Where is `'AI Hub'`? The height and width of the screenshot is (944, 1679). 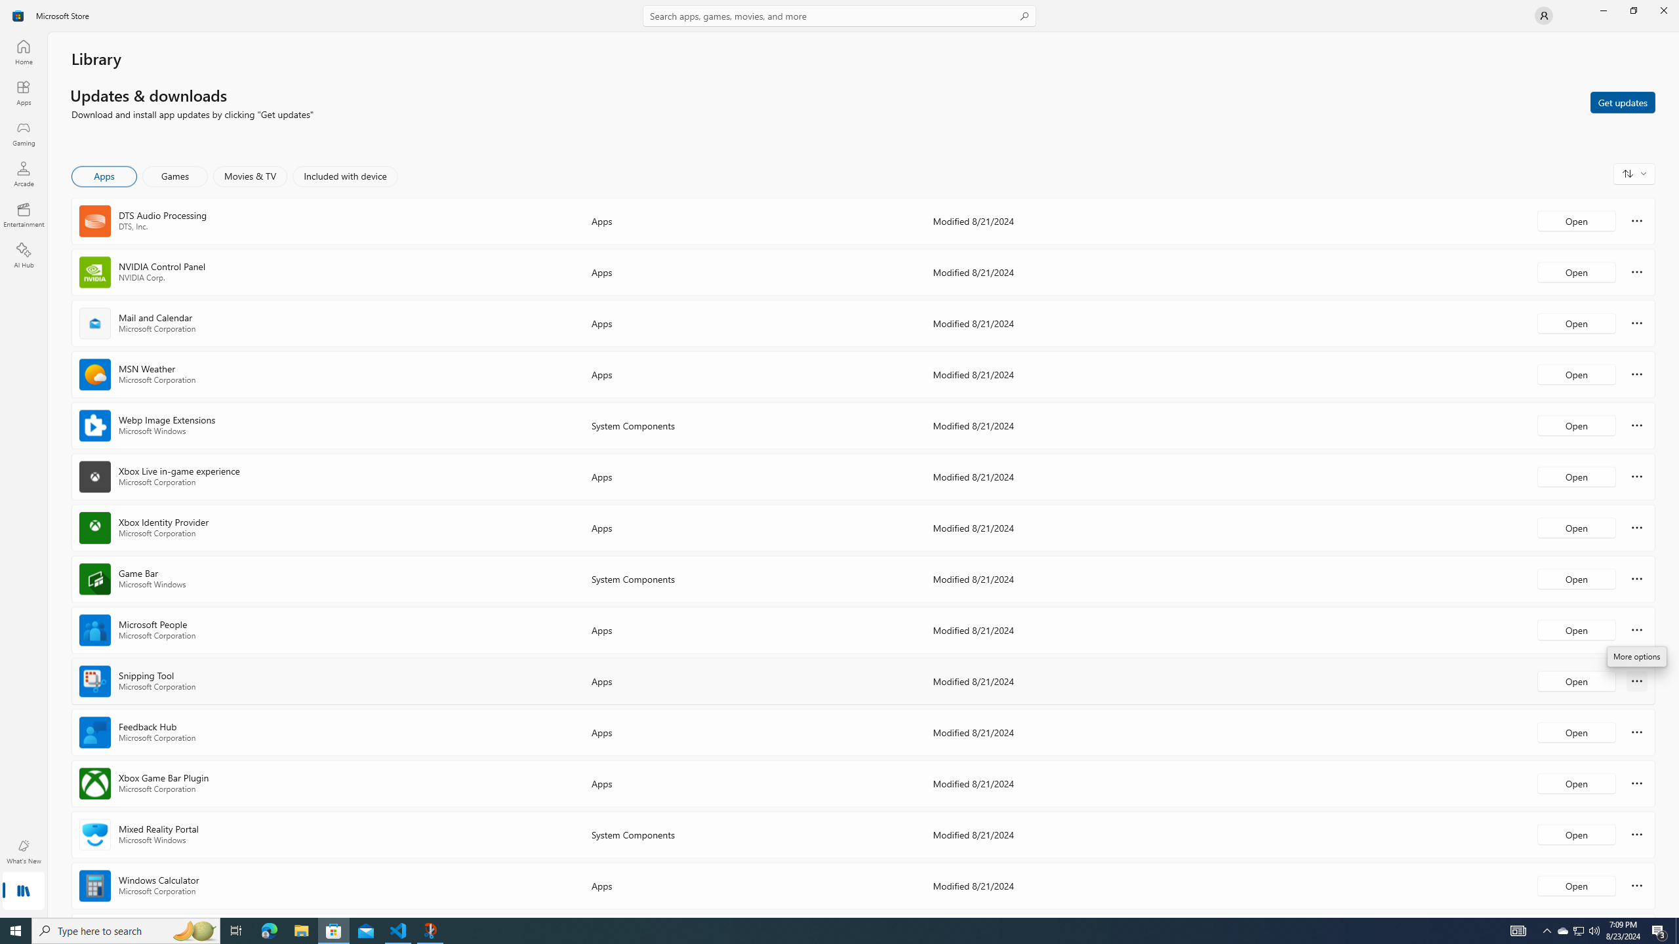
'AI Hub' is located at coordinates (22, 254).